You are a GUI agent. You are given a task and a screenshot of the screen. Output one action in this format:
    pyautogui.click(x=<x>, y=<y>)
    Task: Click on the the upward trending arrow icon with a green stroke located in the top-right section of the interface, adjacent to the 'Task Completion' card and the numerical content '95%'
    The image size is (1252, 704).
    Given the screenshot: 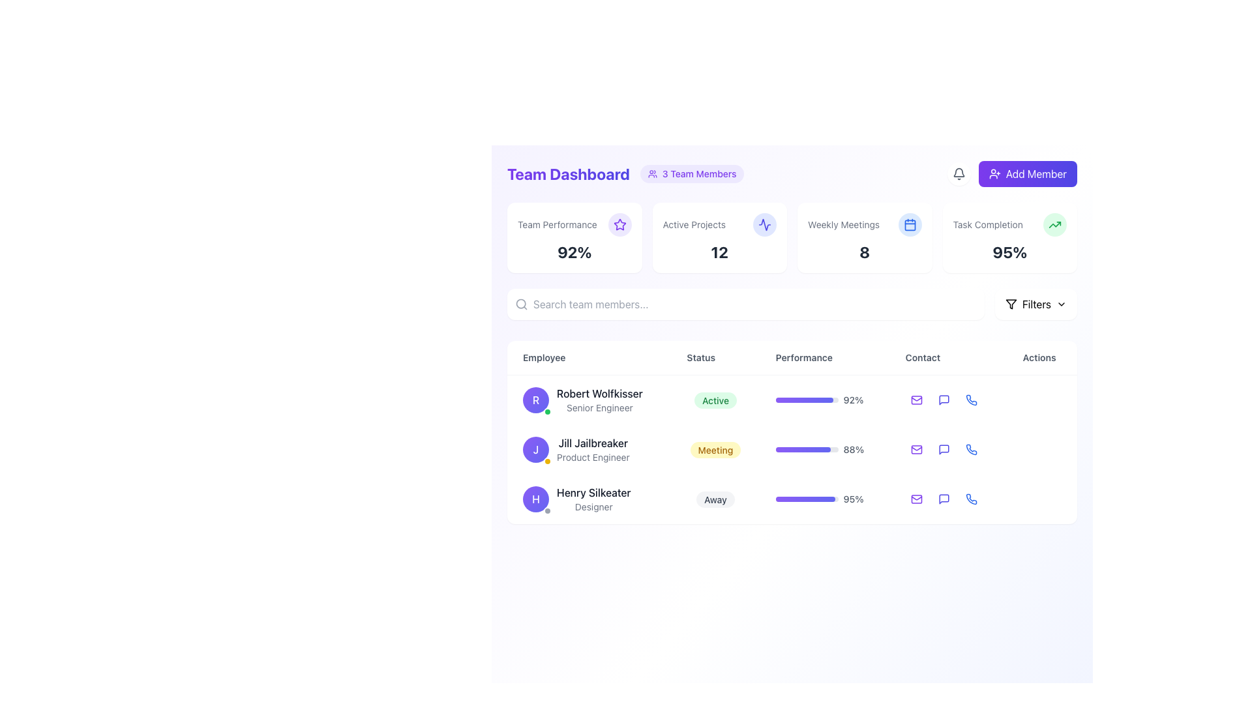 What is the action you would take?
    pyautogui.click(x=1054, y=224)
    